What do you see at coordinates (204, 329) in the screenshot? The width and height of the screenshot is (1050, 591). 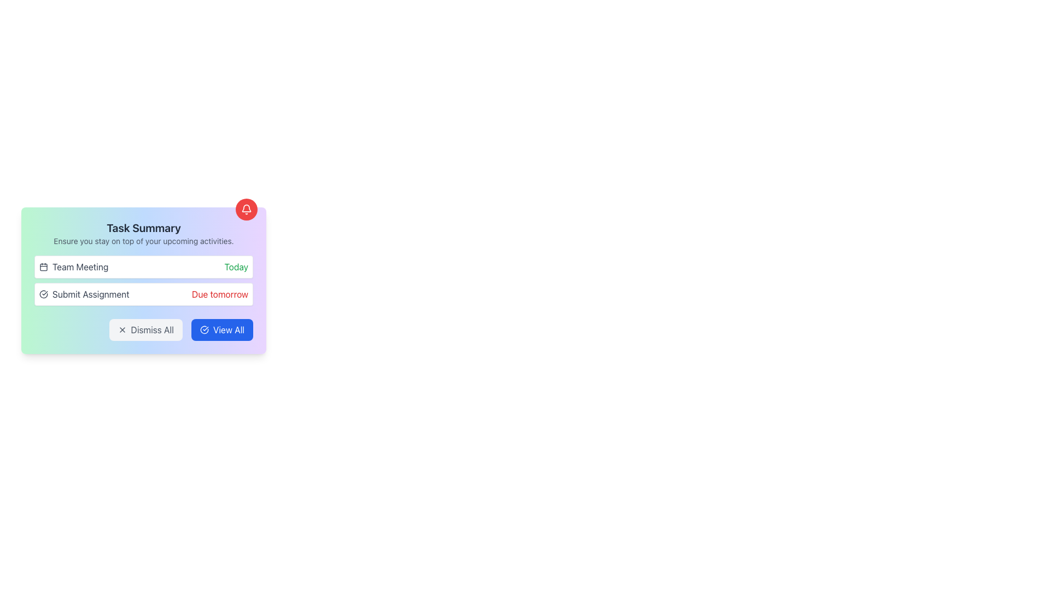 I see `the SVG icon indicating action confirmation located in the bottom-right area of the 'Task Summary' box, next to the 'View All' button text` at bounding box center [204, 329].